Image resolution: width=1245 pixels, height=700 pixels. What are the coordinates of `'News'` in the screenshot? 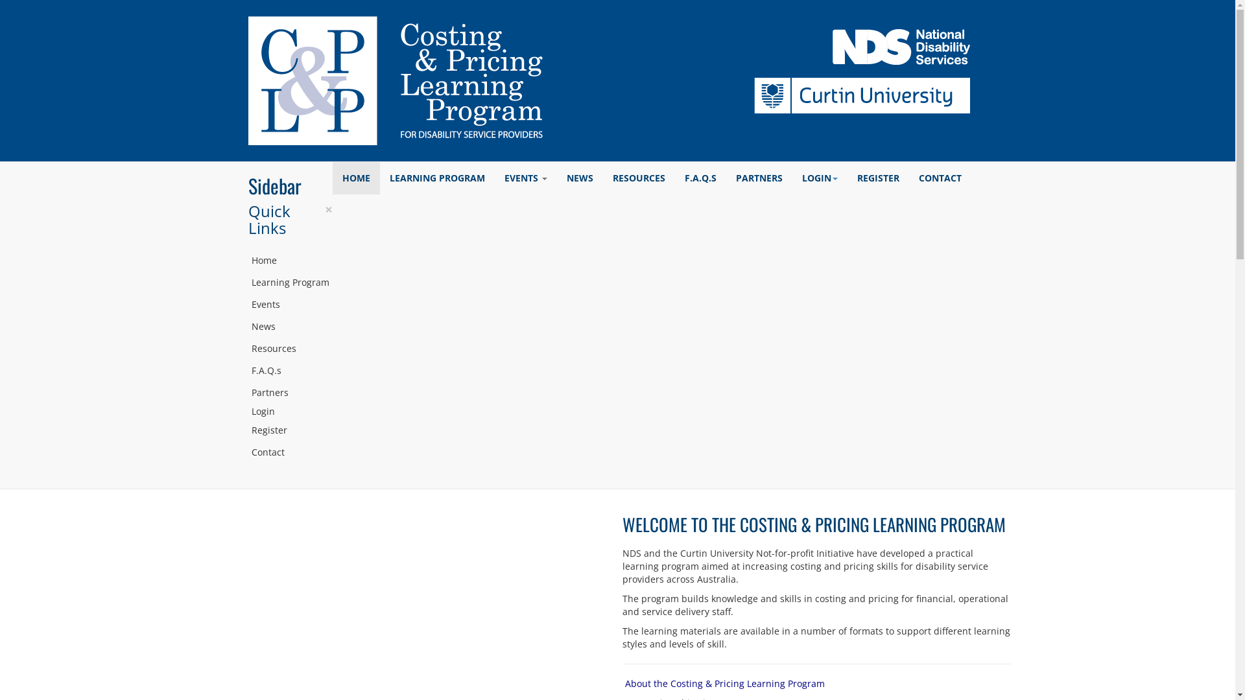 It's located at (289, 326).